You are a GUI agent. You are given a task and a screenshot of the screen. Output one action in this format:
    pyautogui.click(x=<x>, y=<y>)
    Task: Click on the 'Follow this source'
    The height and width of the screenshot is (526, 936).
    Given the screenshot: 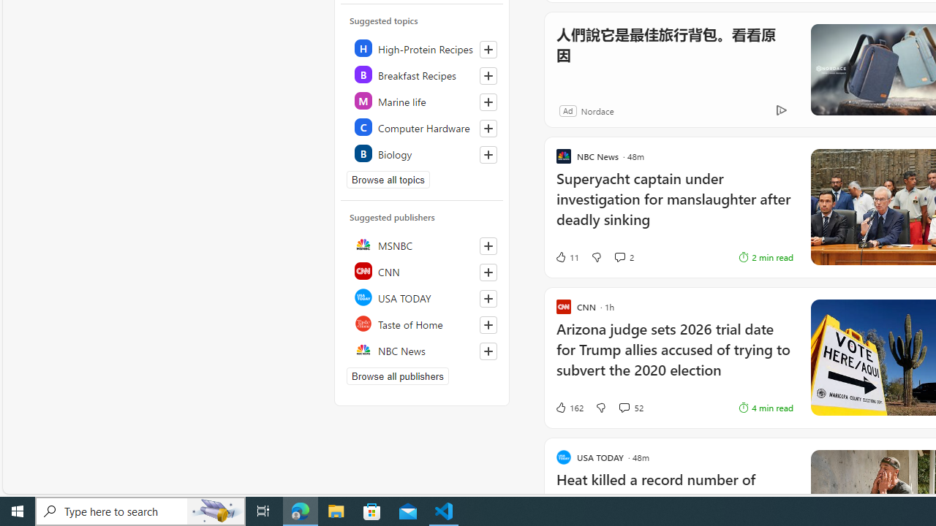 What is the action you would take?
    pyautogui.click(x=488, y=351)
    